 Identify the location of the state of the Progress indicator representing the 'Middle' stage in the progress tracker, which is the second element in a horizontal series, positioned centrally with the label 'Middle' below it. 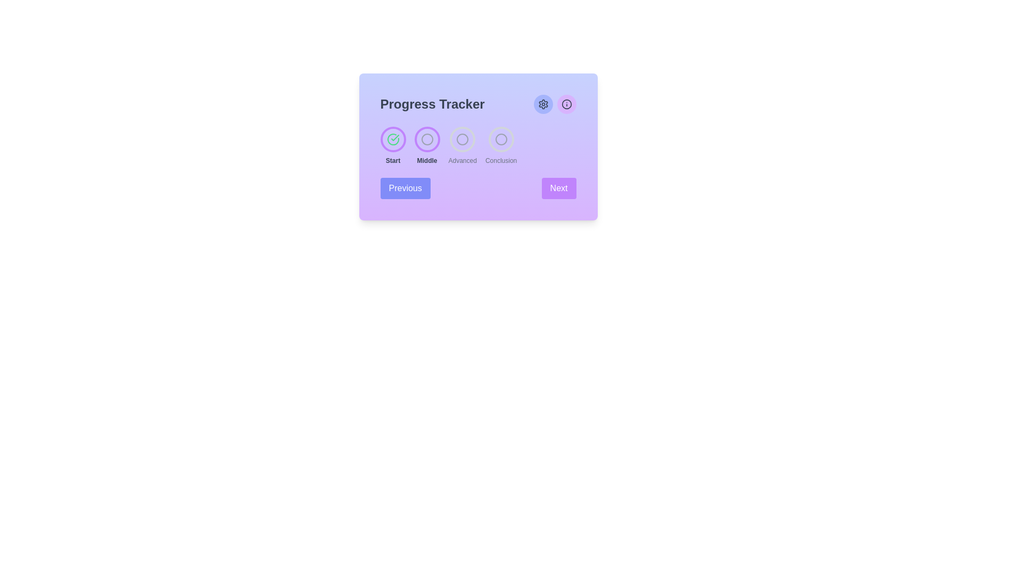
(427, 139).